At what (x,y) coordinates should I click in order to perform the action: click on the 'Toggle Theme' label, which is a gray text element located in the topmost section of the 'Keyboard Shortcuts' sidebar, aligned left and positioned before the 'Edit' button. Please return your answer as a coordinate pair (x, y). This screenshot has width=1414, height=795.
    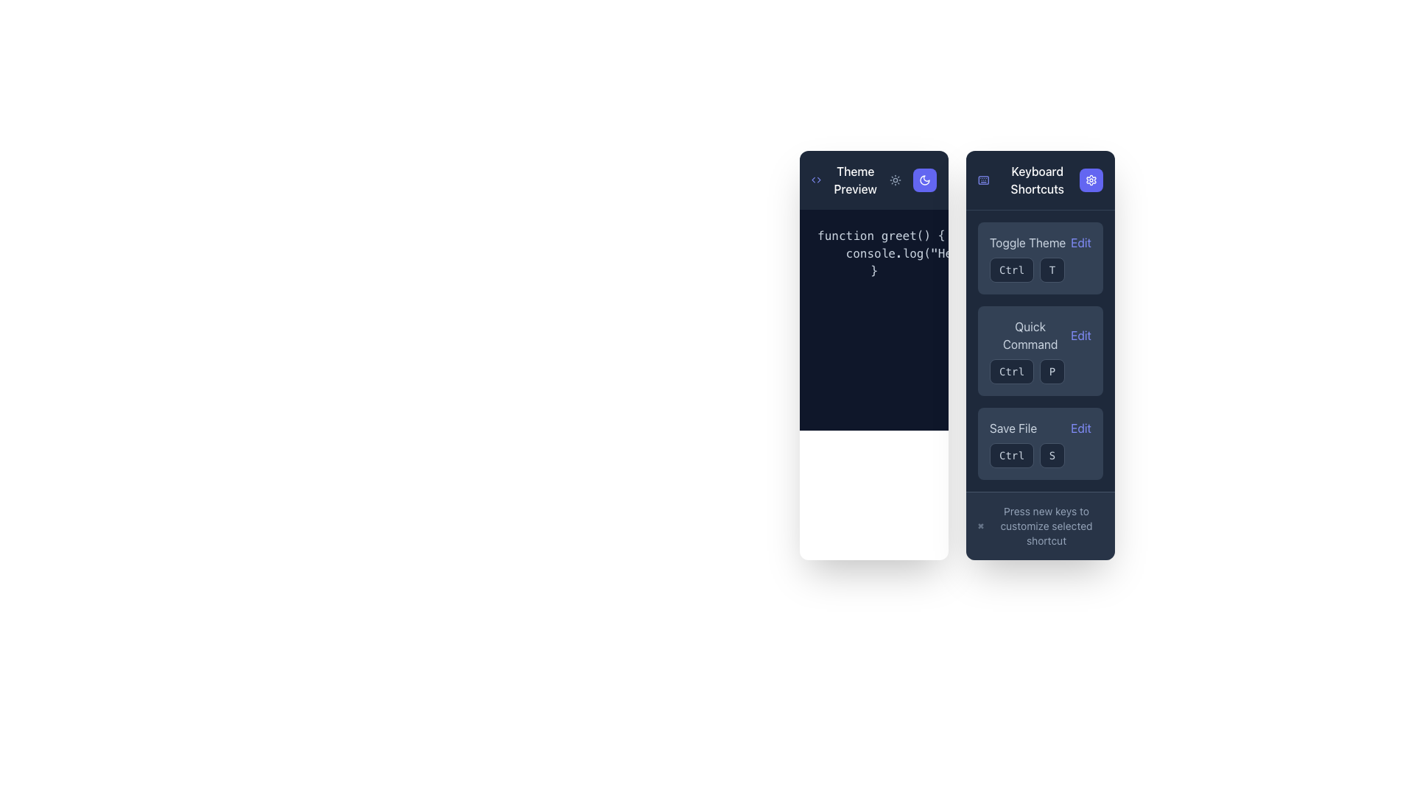
    Looking at the image, I should click on (1027, 242).